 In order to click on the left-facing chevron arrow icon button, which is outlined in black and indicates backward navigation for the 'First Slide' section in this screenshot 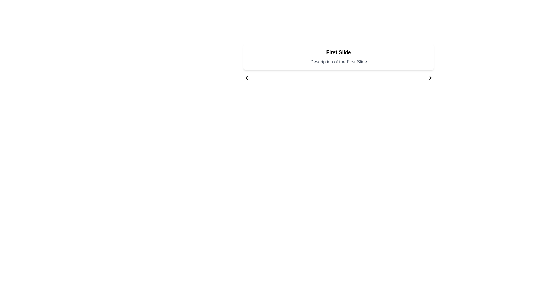, I will do `click(246, 78)`.